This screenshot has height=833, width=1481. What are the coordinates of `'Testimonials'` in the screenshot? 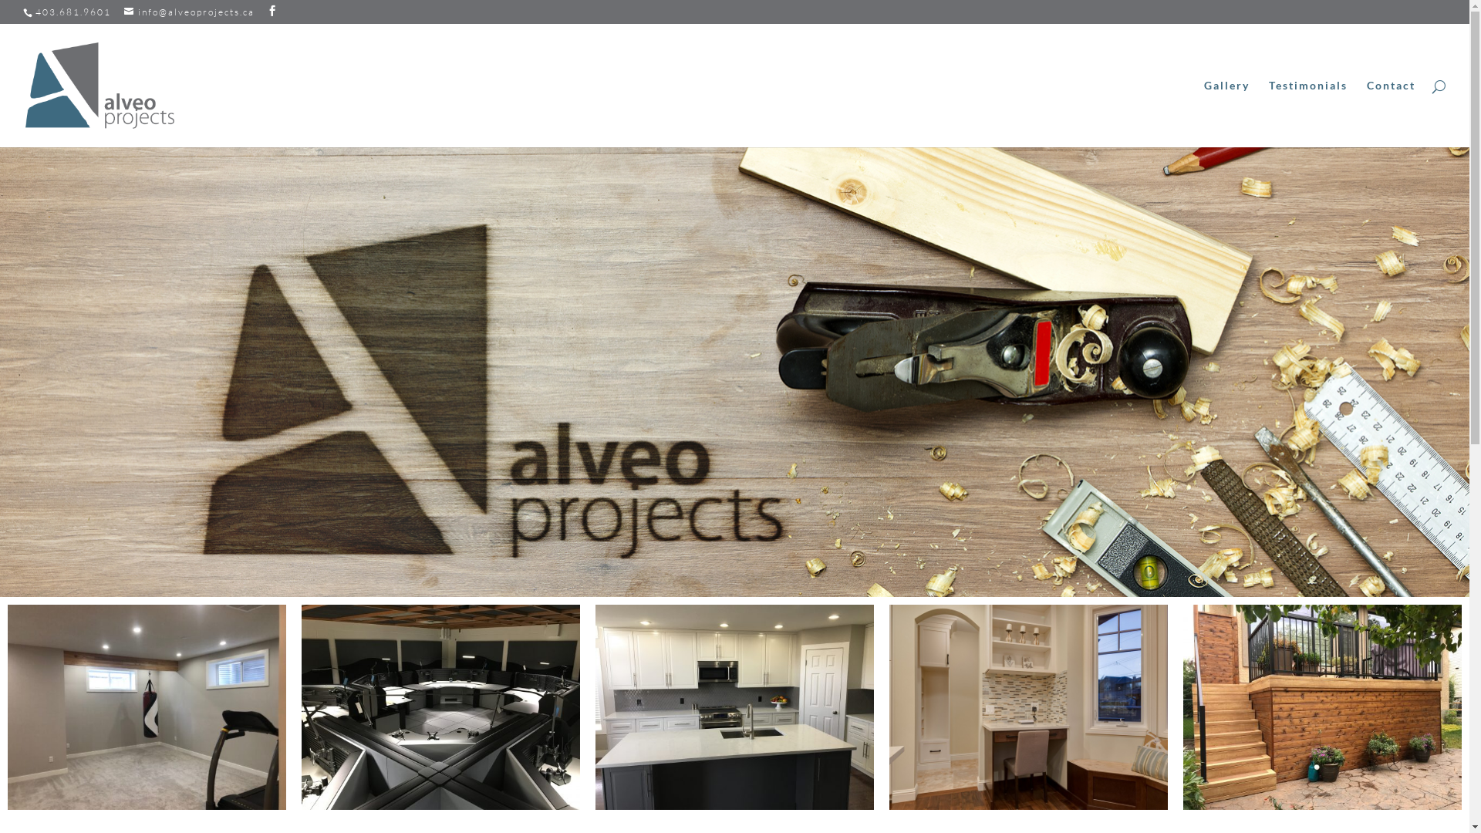 It's located at (1307, 113).